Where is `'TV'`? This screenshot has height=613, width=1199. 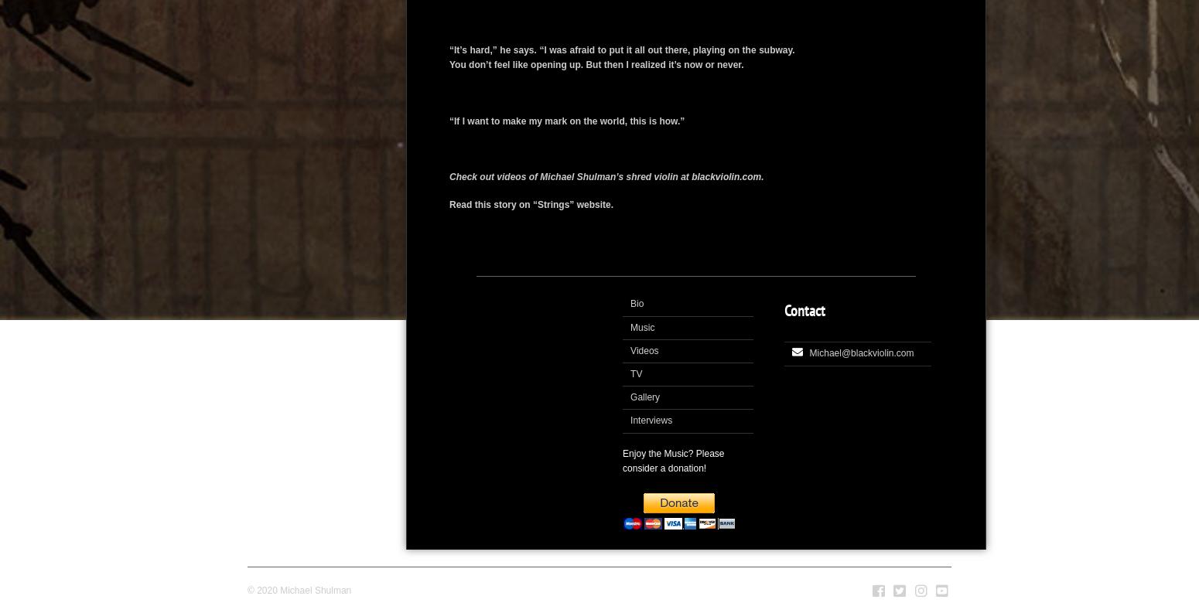
'TV' is located at coordinates (635, 373).